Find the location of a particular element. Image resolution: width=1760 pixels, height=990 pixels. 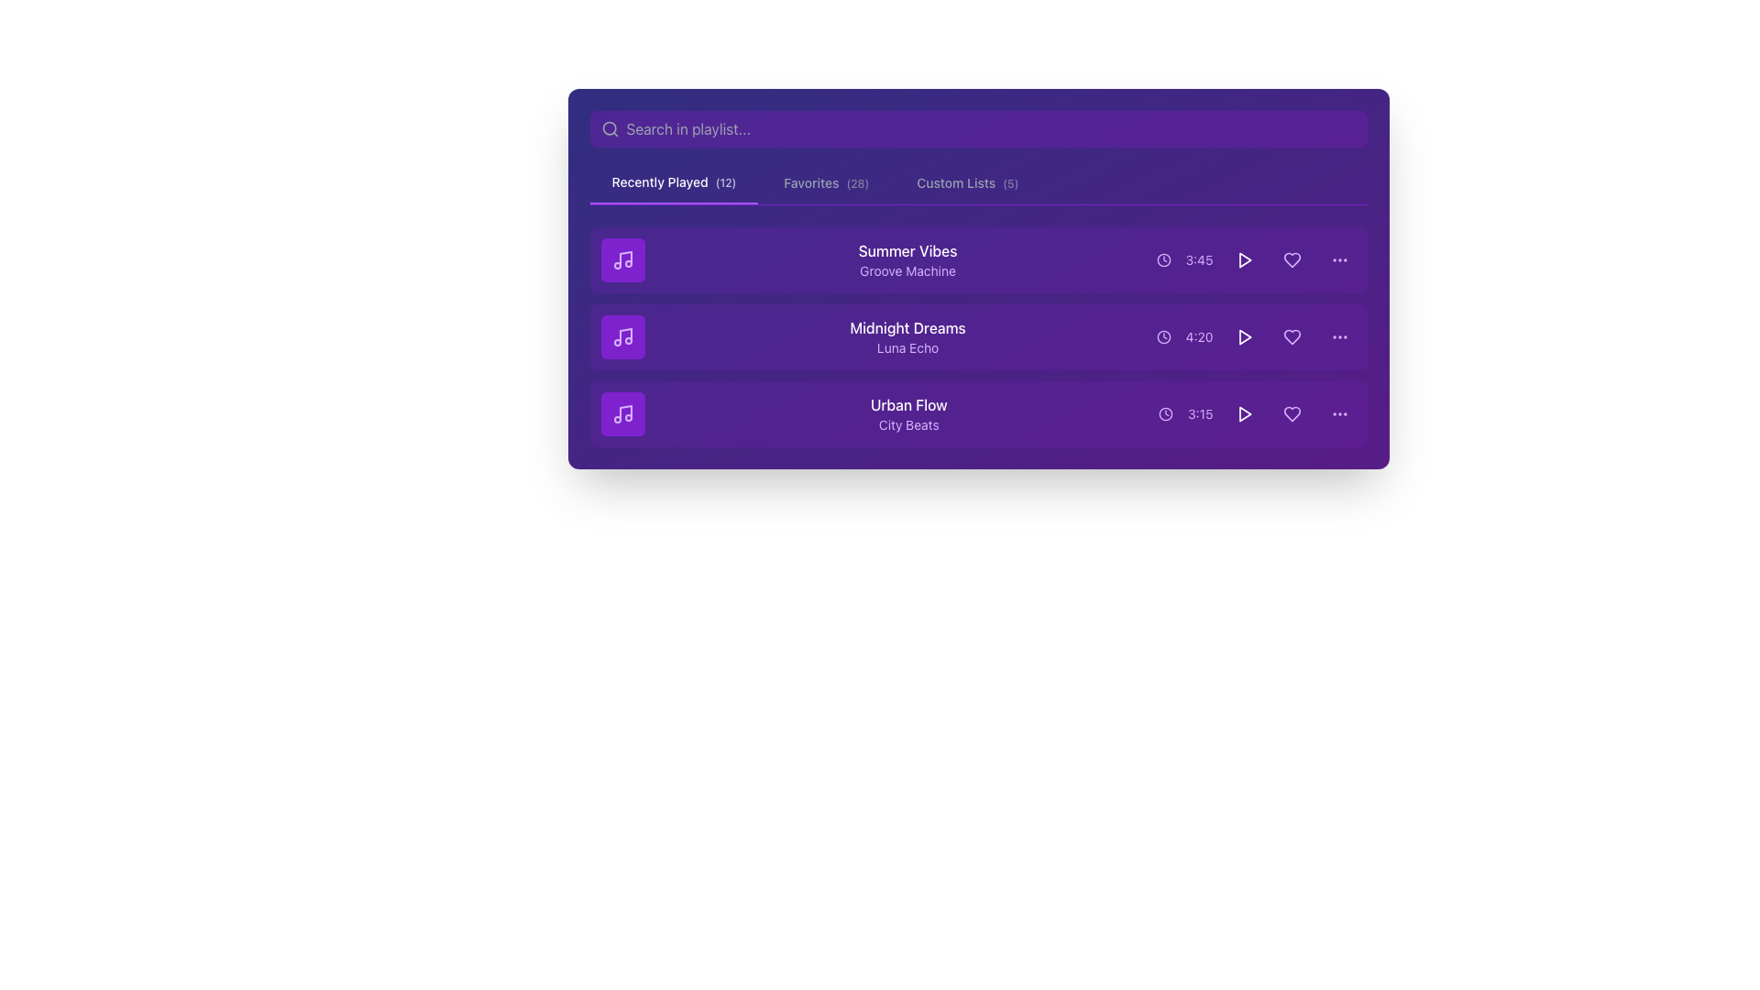

the play button in the 'Urban Flow' row under 'Recently Played' is located at coordinates (1244, 413).